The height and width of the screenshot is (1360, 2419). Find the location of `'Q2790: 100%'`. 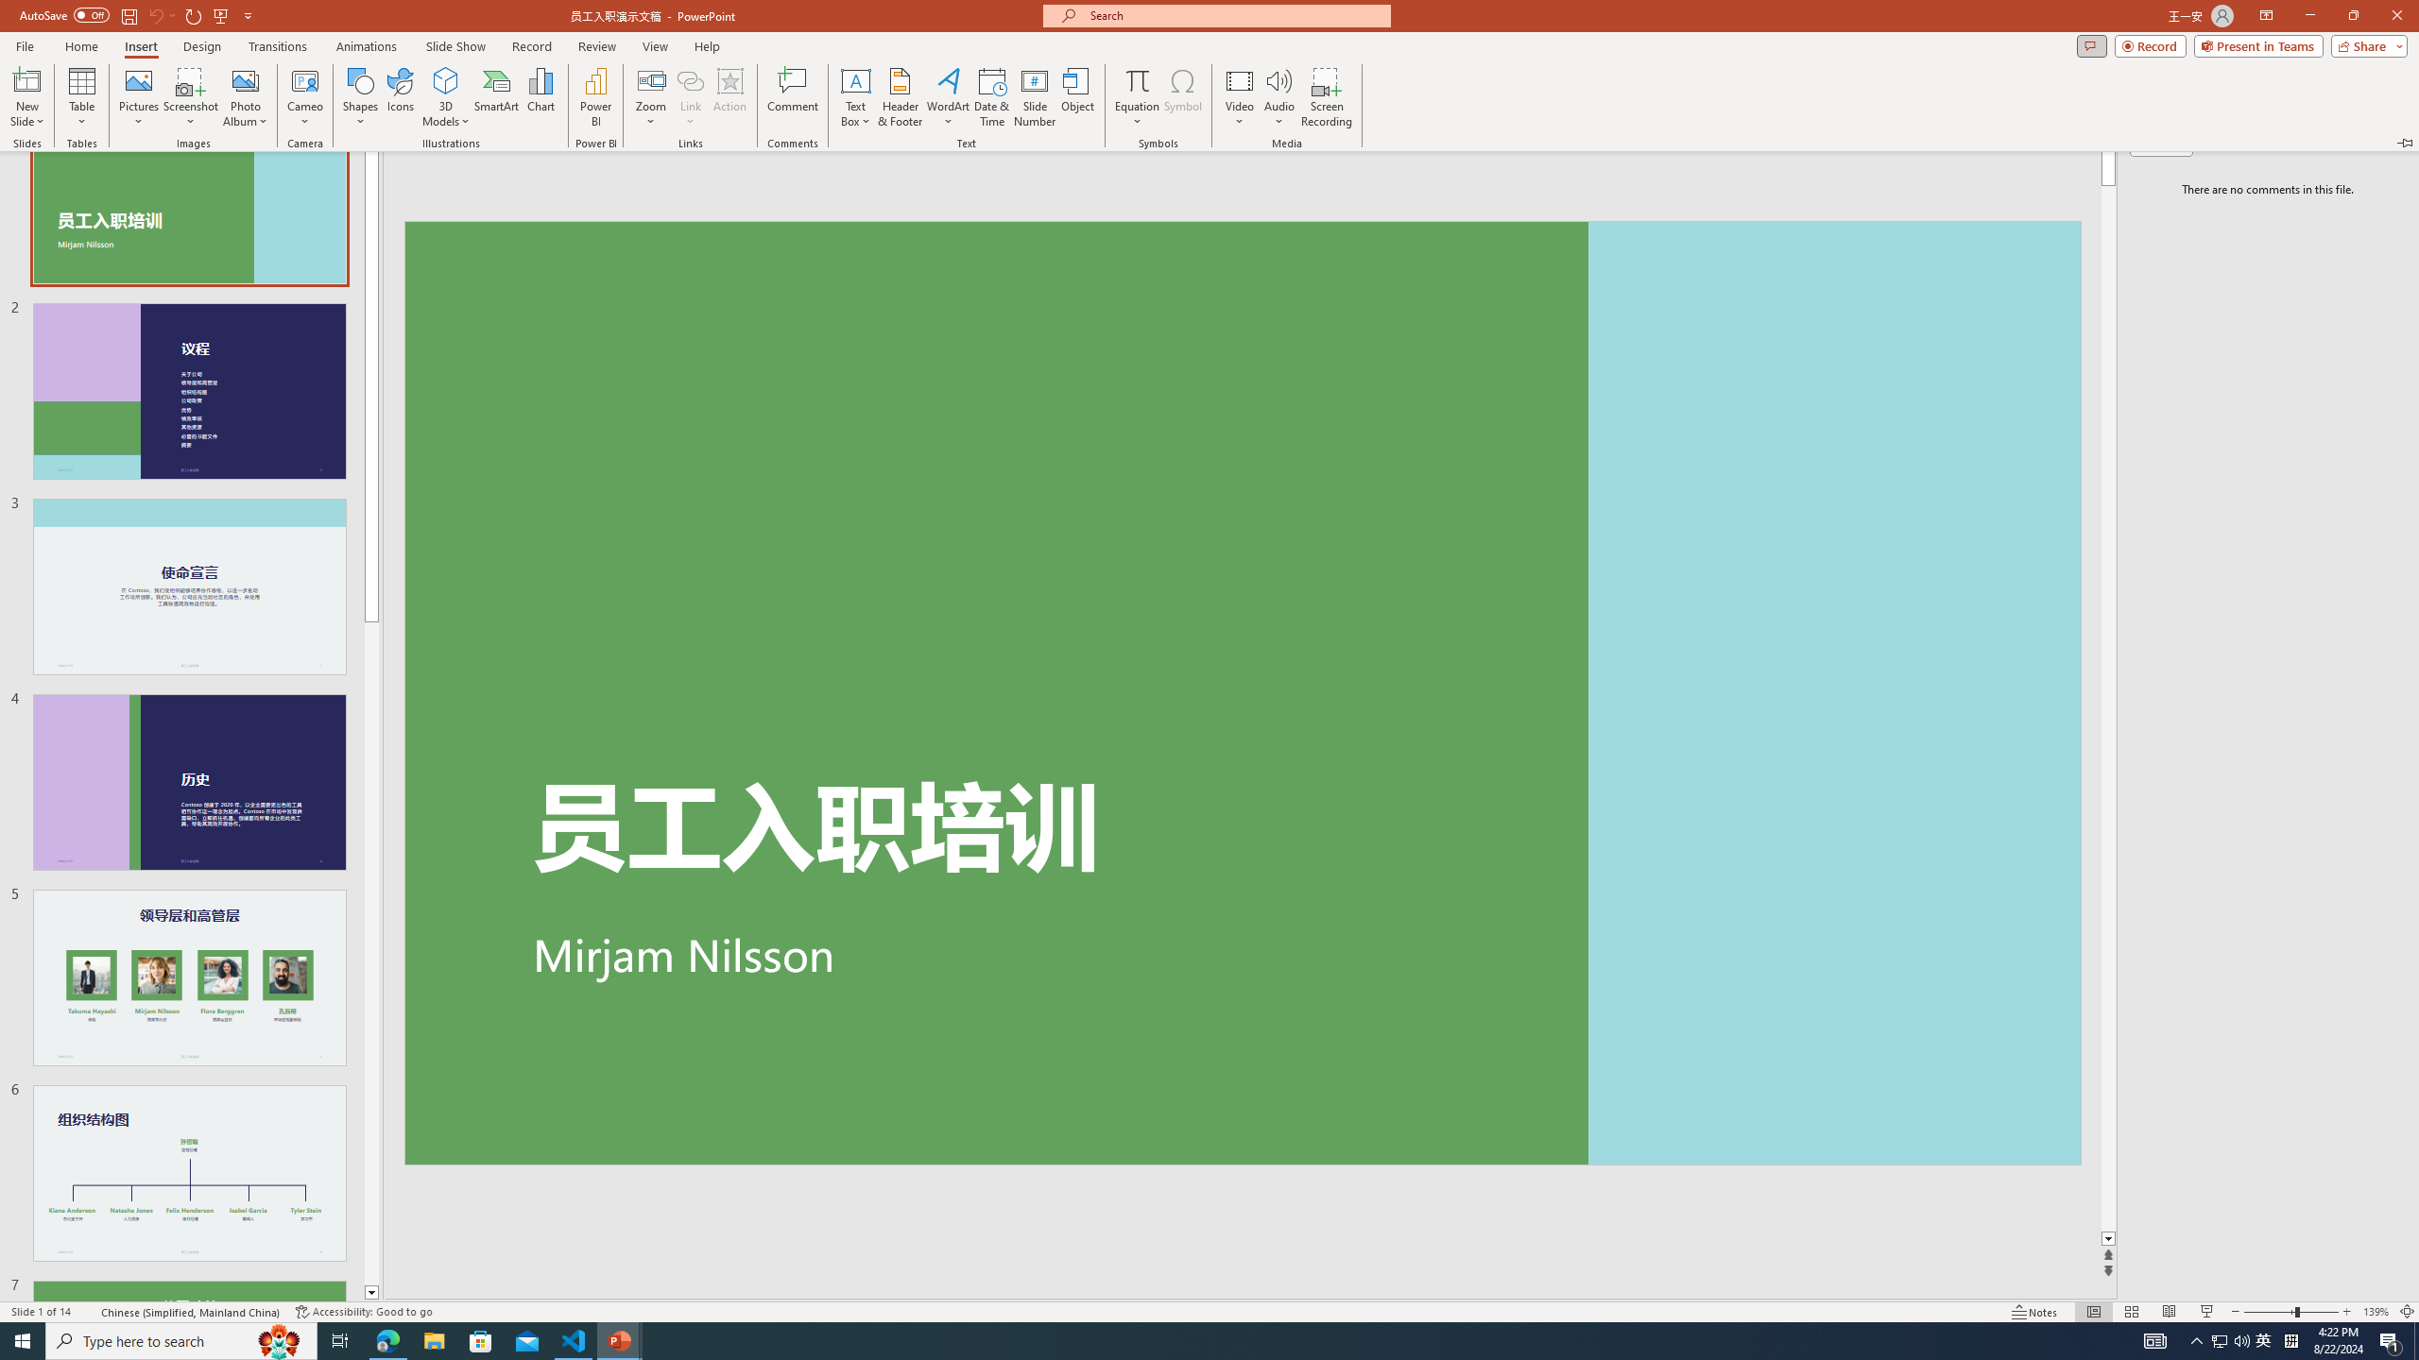

'Q2790: 100%' is located at coordinates (2241, 1339).